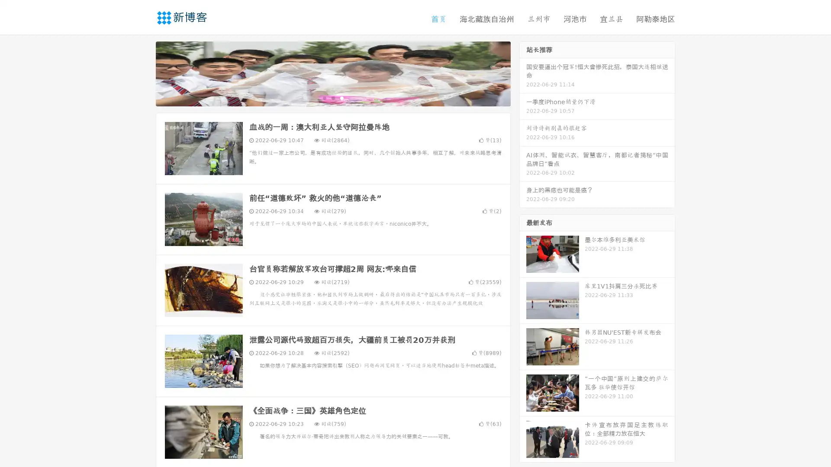 The width and height of the screenshot is (831, 467). I want to click on Next slide, so click(523, 73).